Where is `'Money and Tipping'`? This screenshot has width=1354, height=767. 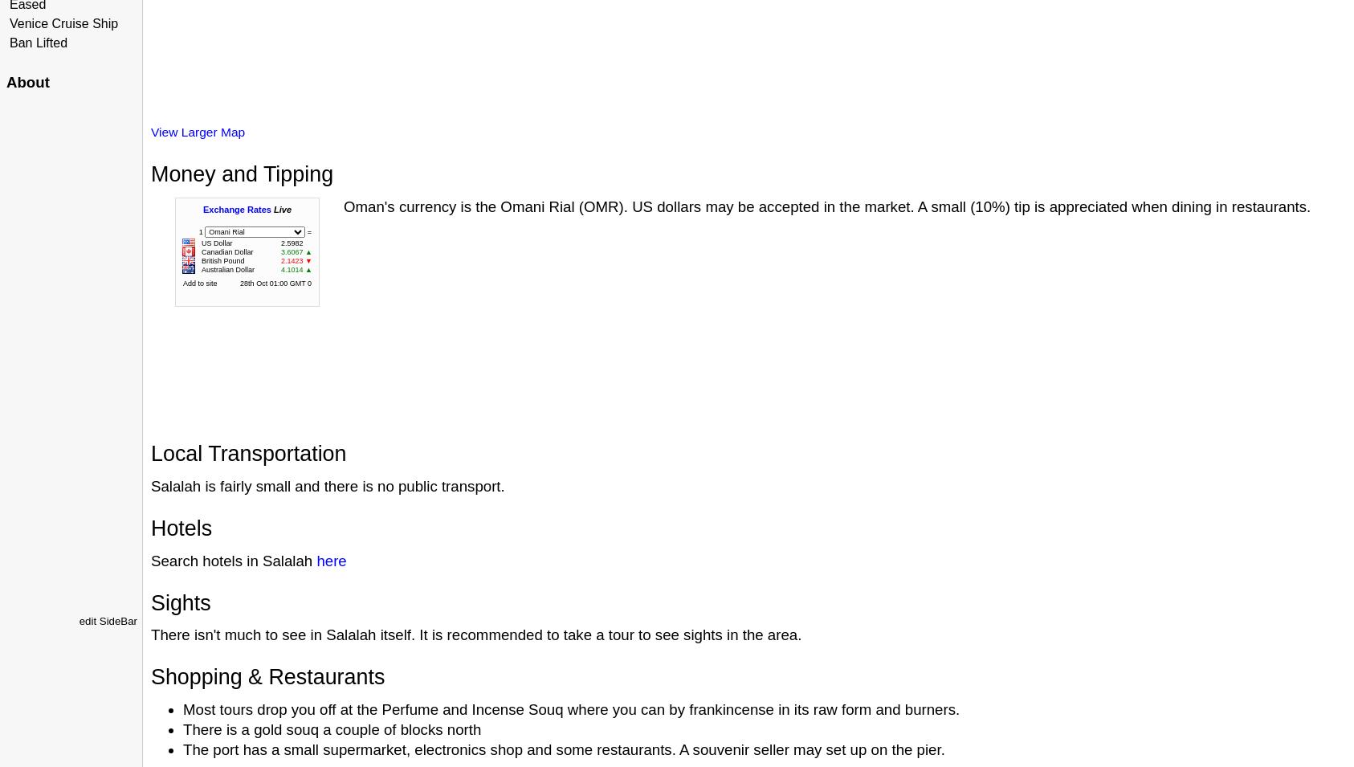 'Money and Tipping' is located at coordinates (241, 173).